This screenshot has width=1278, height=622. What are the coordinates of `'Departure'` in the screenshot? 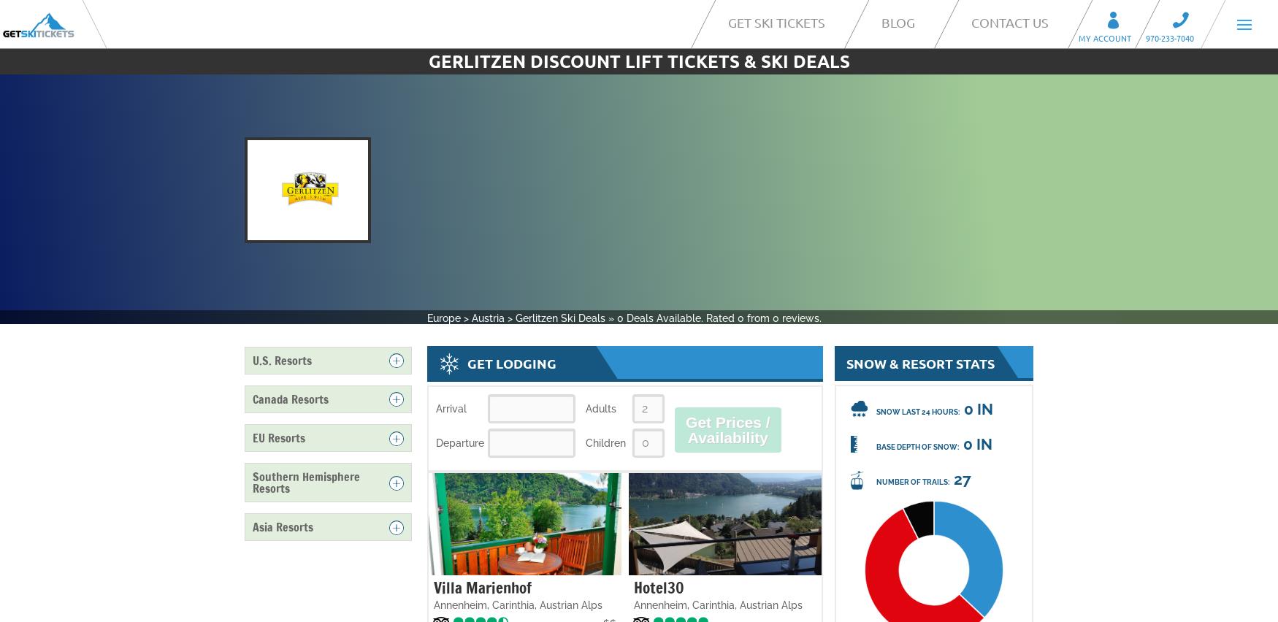 It's located at (459, 442).